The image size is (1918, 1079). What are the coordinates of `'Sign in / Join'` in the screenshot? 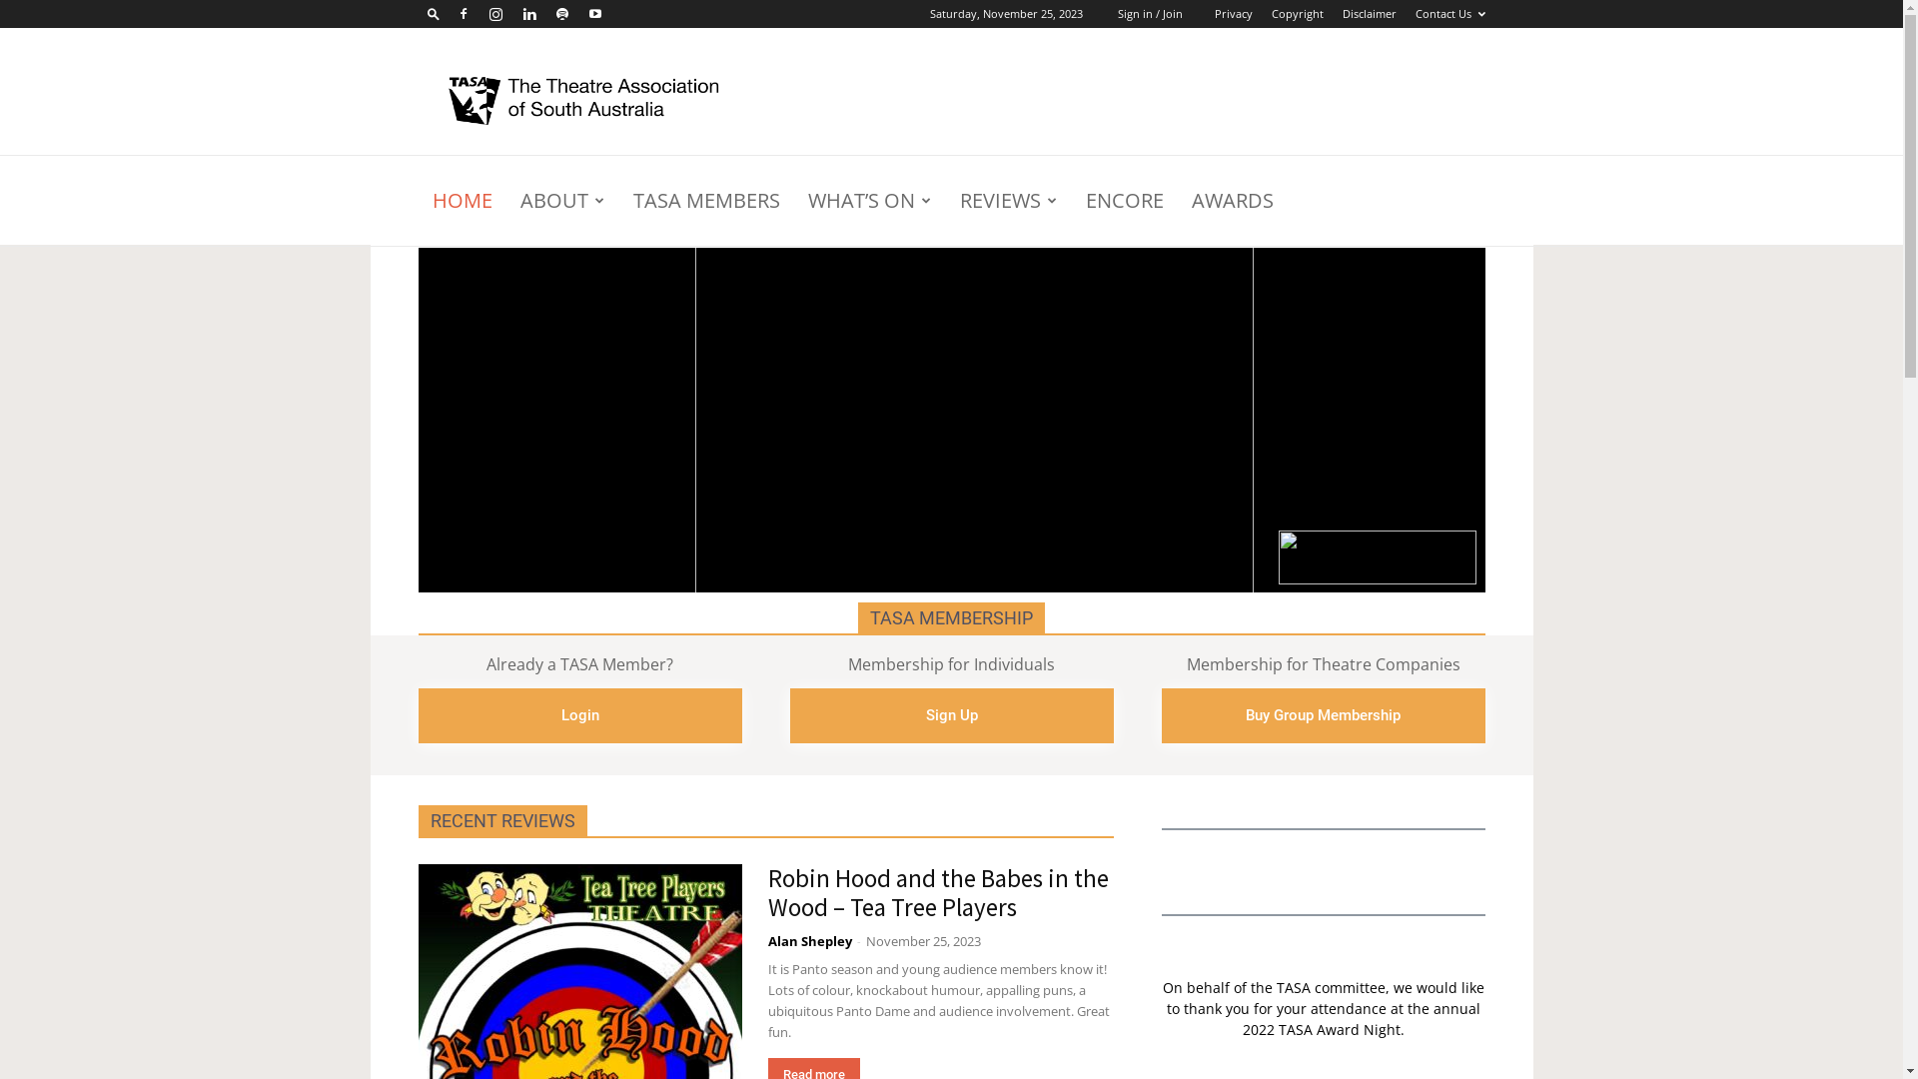 It's located at (1149, 13).